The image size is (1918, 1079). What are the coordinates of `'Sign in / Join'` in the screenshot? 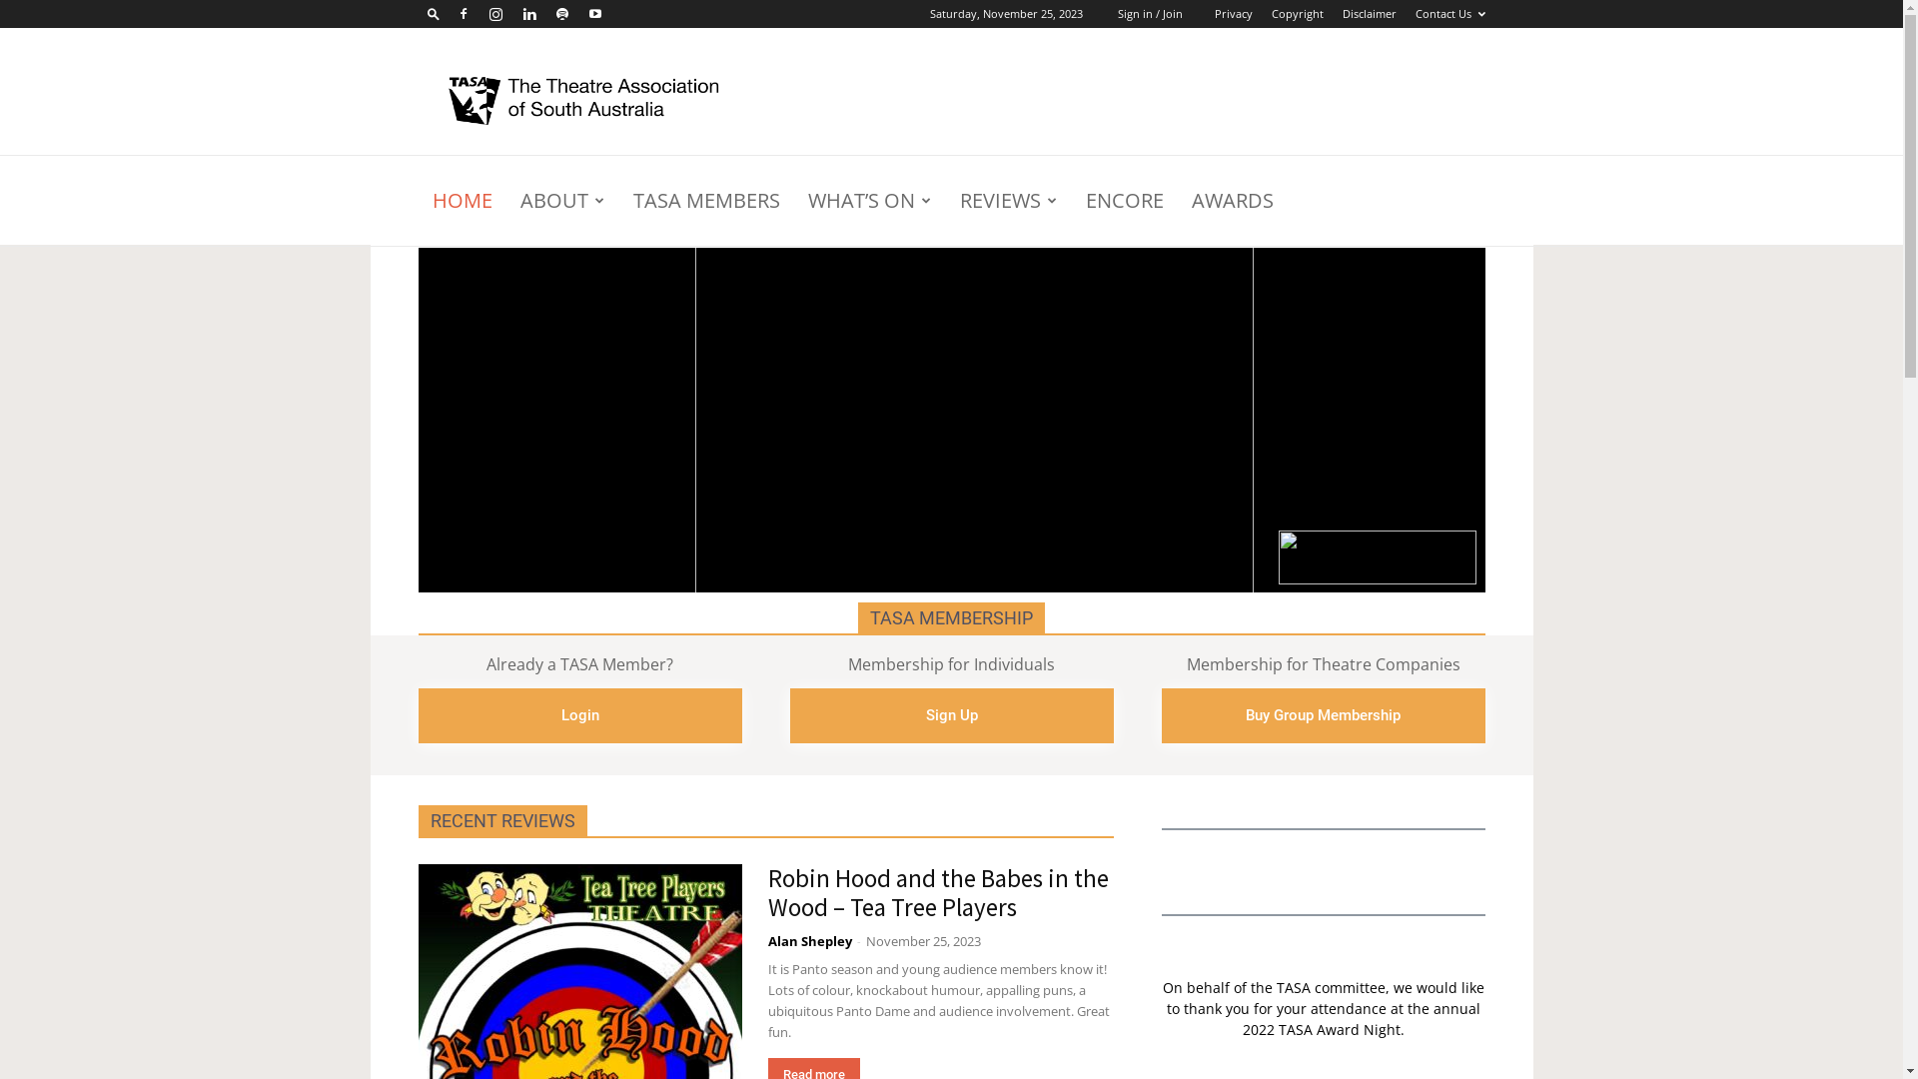 It's located at (1149, 13).